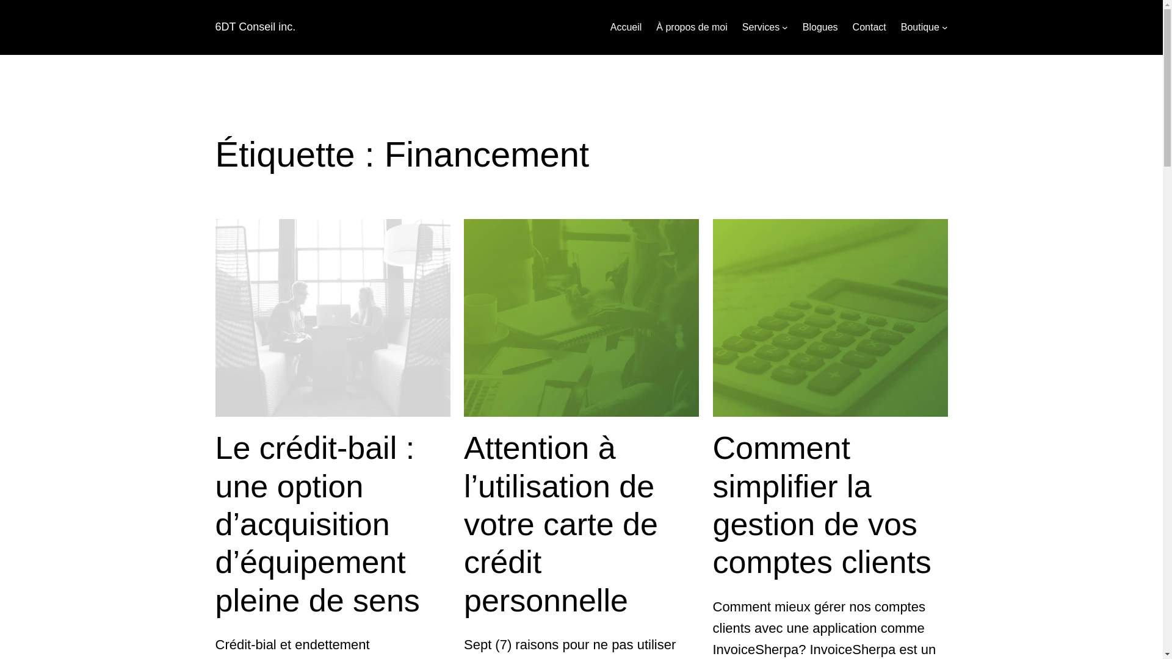  Describe the element at coordinates (741, 27) in the screenshot. I see `'Services'` at that location.